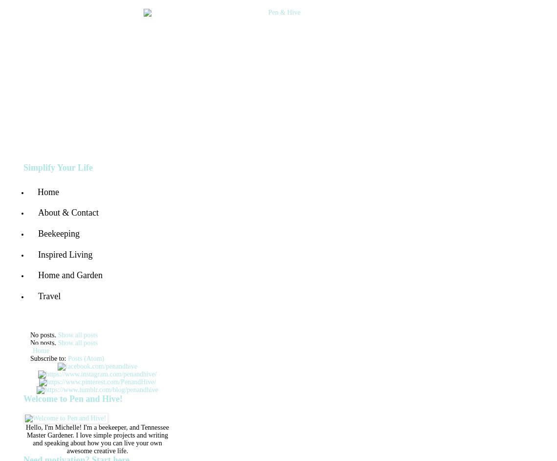  I want to click on 'Hello, I'm Michelle! I'm a beekeeper, and Tennessee Master Gardener. I love simple projects and writing and speaking  about how you can live your own awesome creative life.', so click(97, 438).